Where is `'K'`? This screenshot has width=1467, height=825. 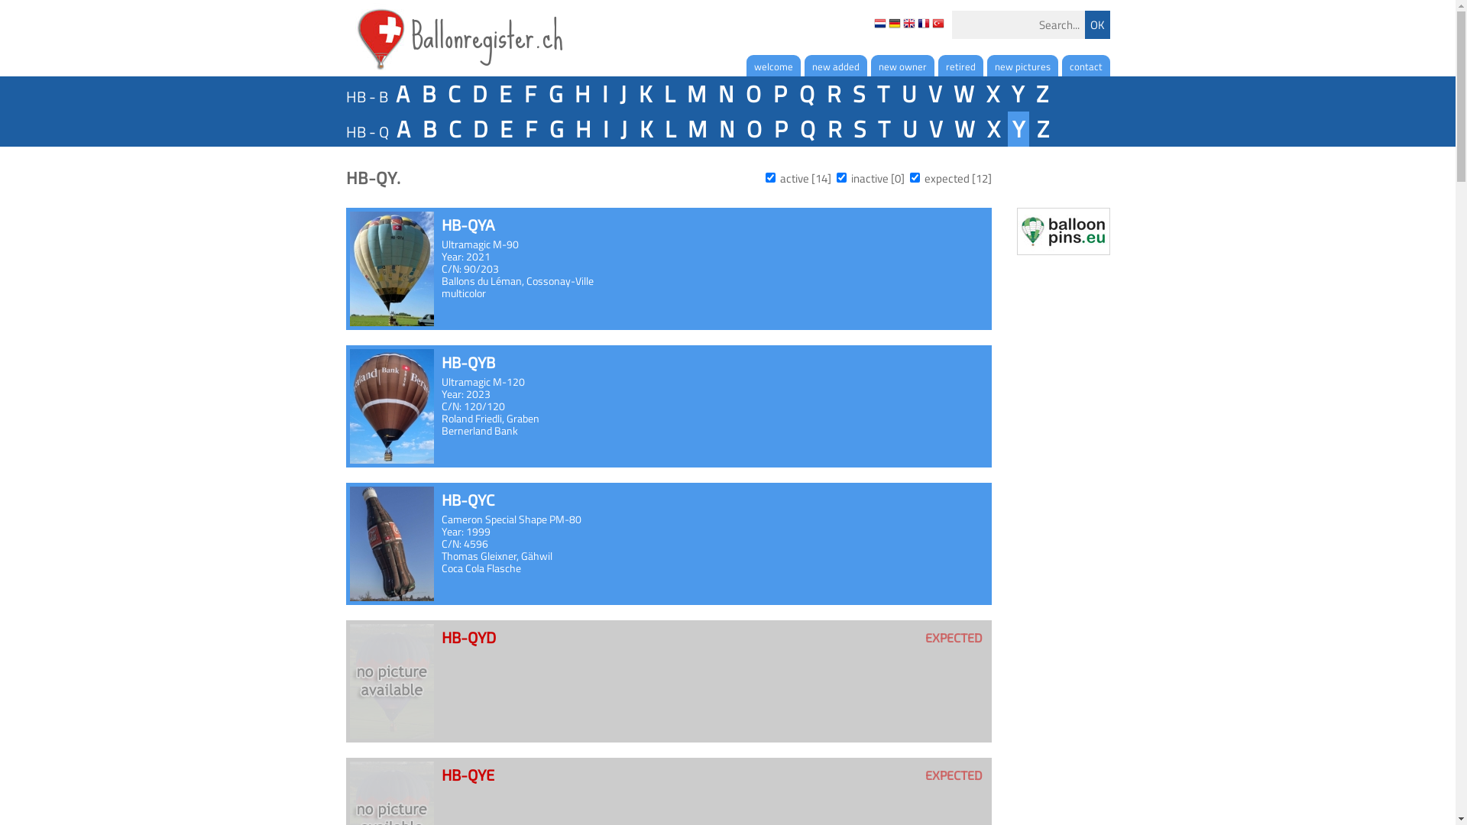
'K' is located at coordinates (645, 94).